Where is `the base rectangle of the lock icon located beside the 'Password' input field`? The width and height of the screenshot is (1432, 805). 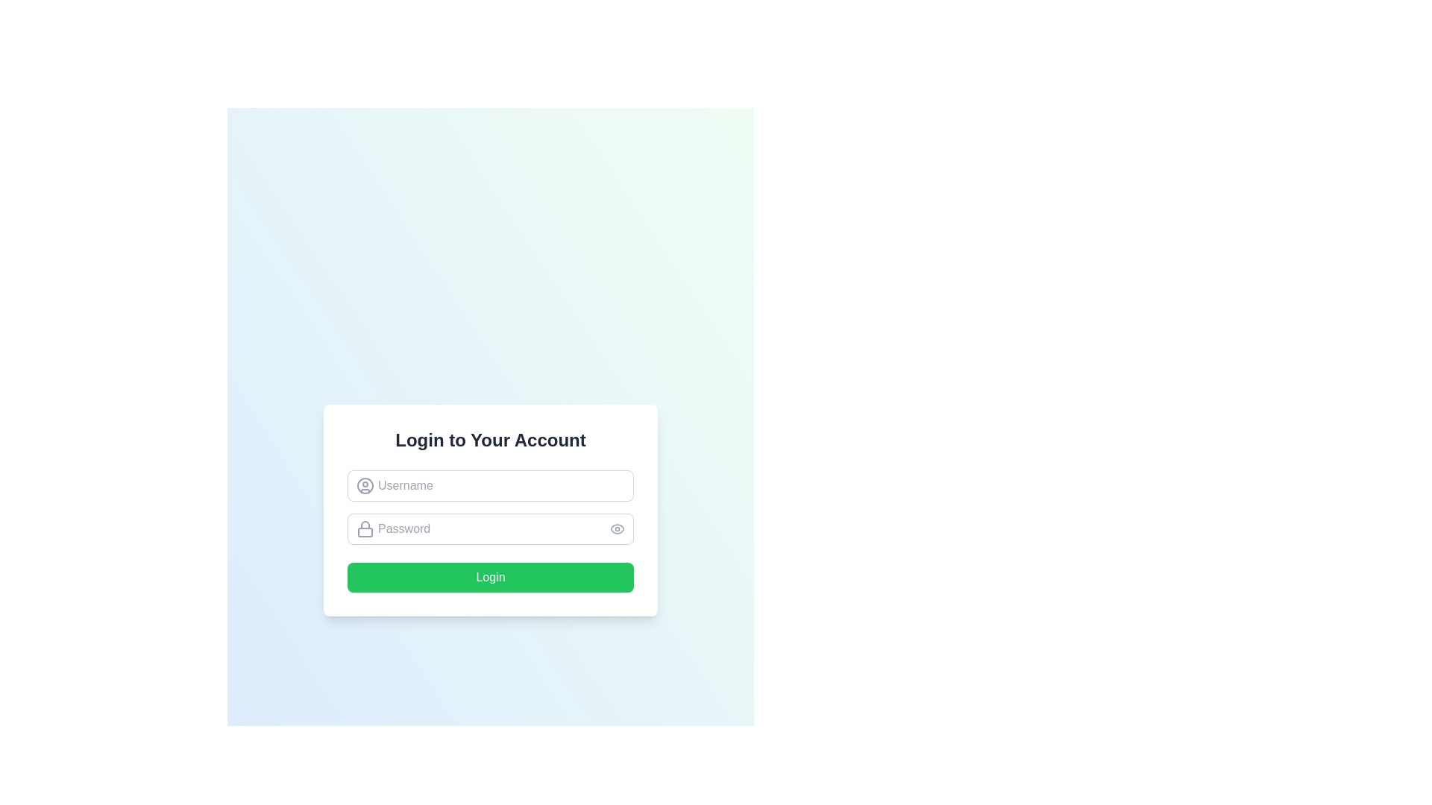
the base rectangle of the lock icon located beside the 'Password' input field is located at coordinates (365, 531).